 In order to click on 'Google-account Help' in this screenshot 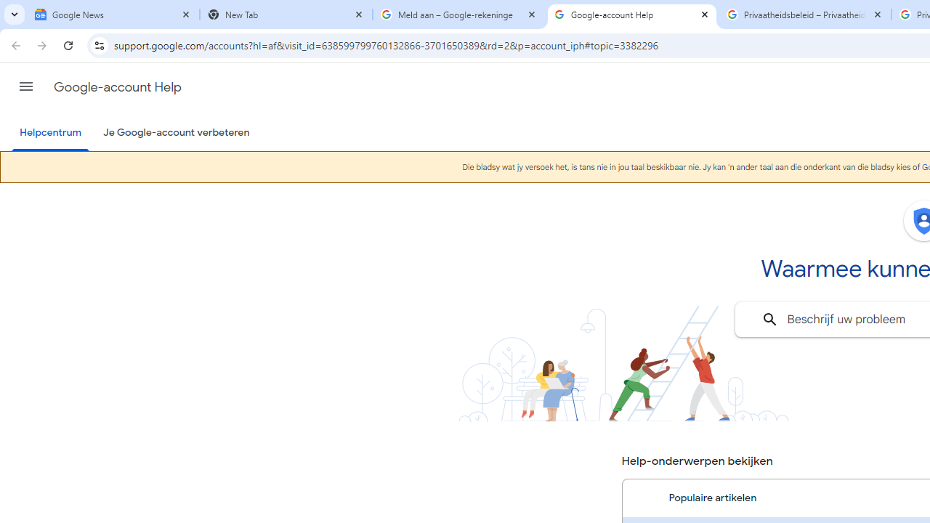, I will do `click(632, 15)`.